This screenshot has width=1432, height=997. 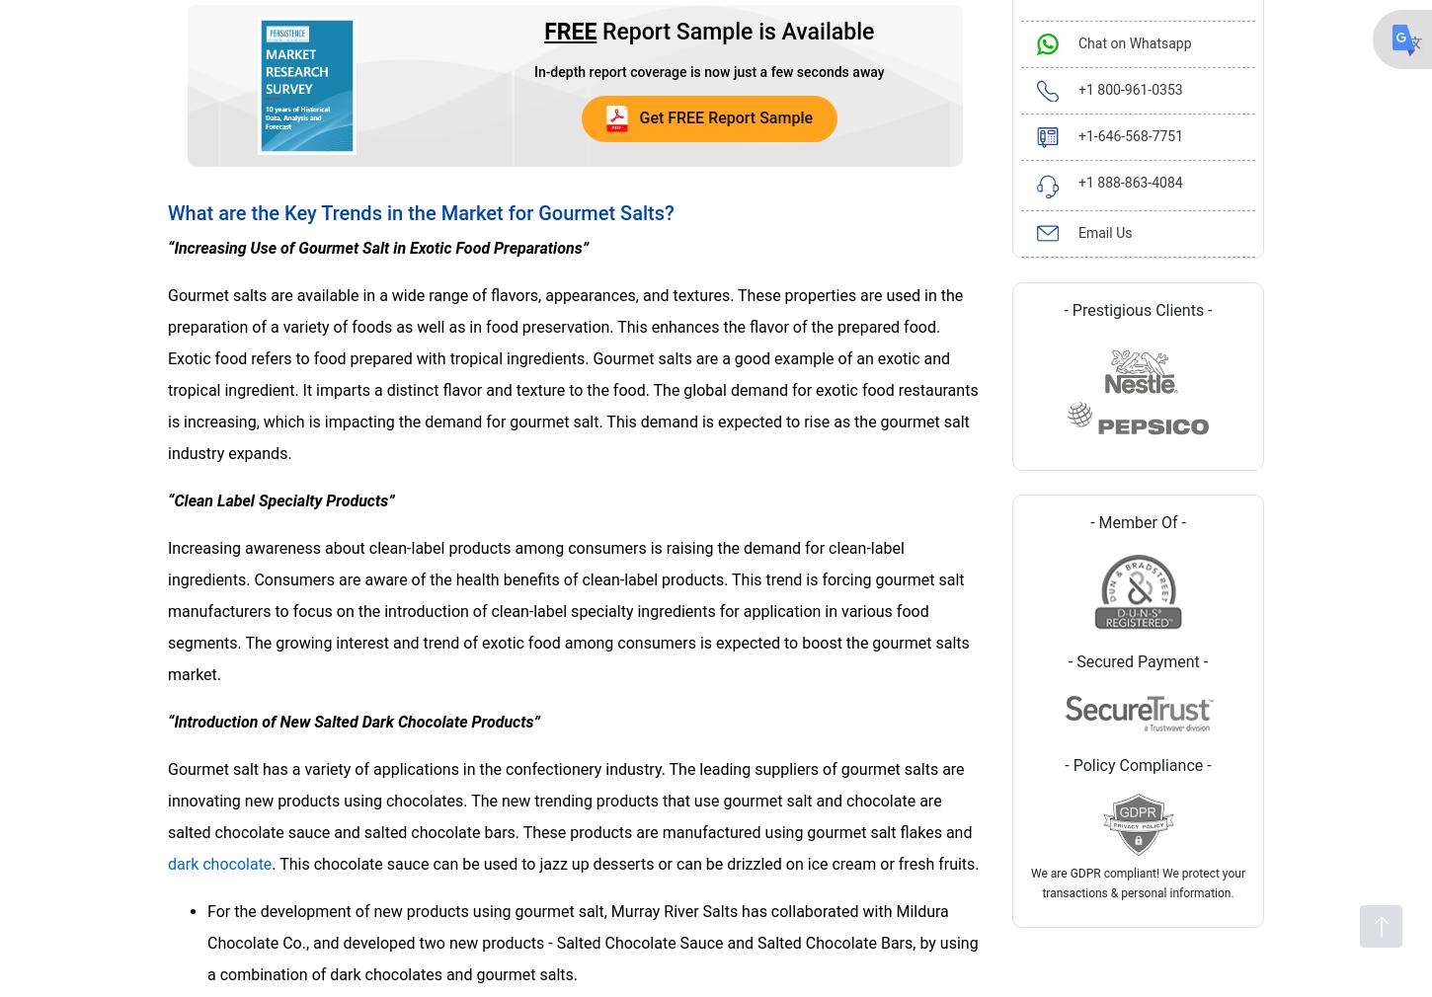 I want to click on 'Increasing Use of Gourmet Salt in Exotic Food Preparations', so click(x=376, y=246).